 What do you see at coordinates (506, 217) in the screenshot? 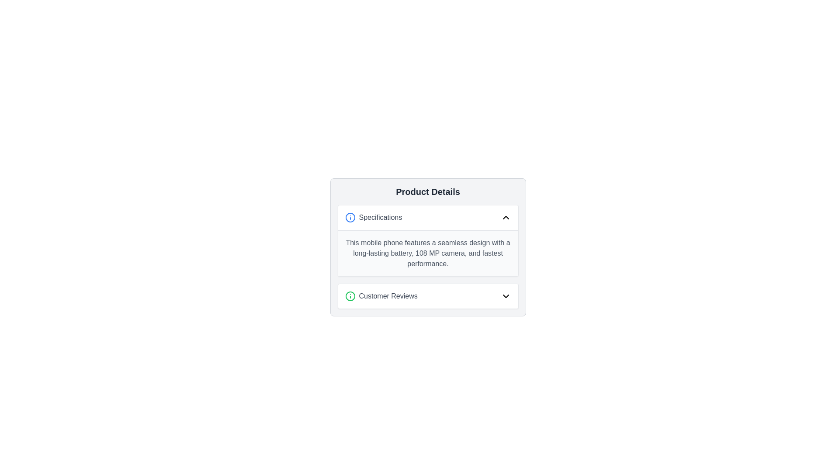
I see `the chevron-shaped toggle arrow icon located at the far right side of the 'Specifications' header bar` at bounding box center [506, 217].